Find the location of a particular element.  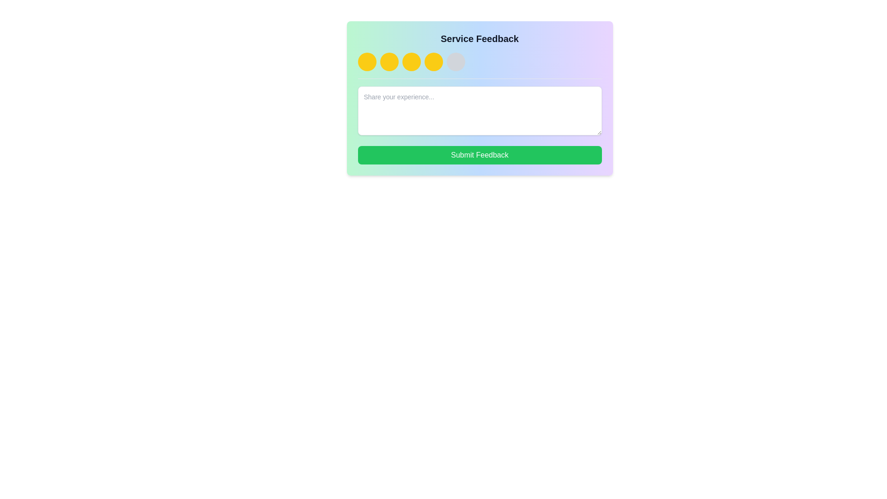

the fifth circular placeholder in the rating interface is located at coordinates (456, 62).